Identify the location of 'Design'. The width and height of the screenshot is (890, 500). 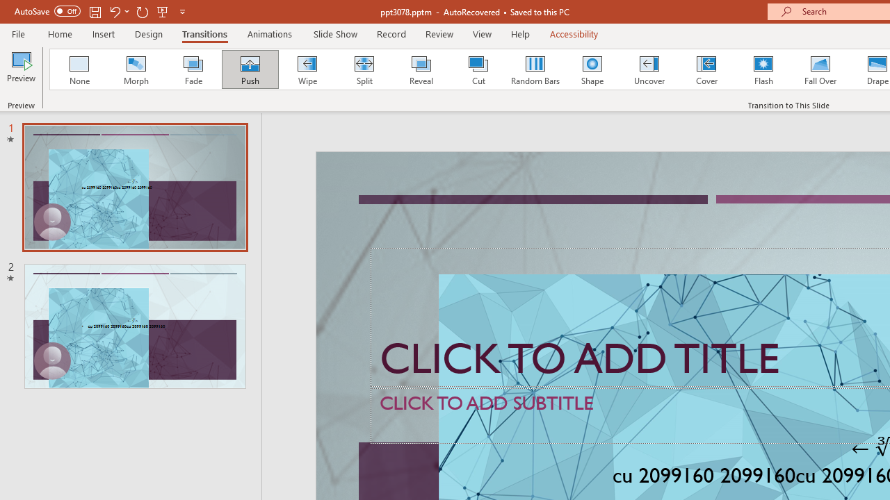
(149, 33).